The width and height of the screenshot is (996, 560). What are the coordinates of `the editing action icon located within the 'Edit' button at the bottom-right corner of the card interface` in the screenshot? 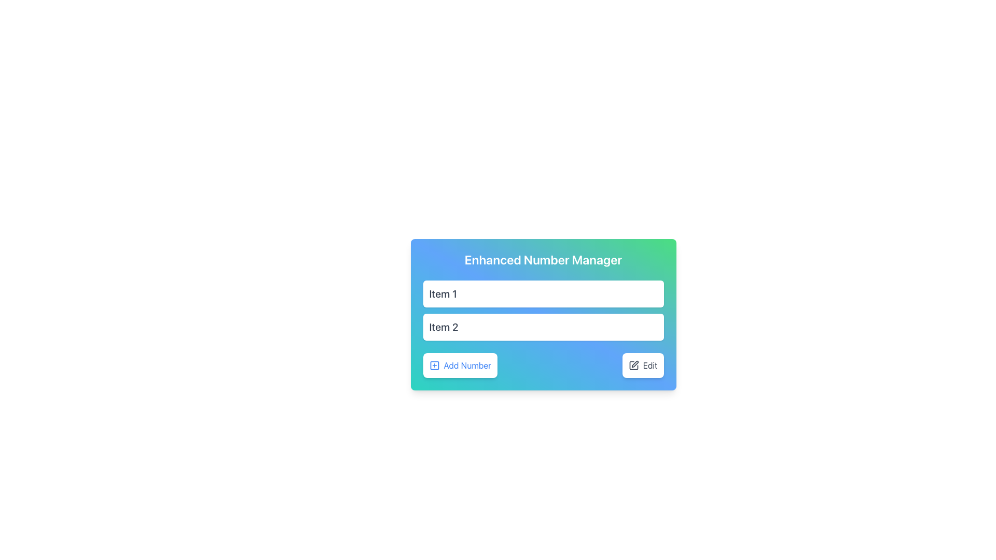 It's located at (634, 363).